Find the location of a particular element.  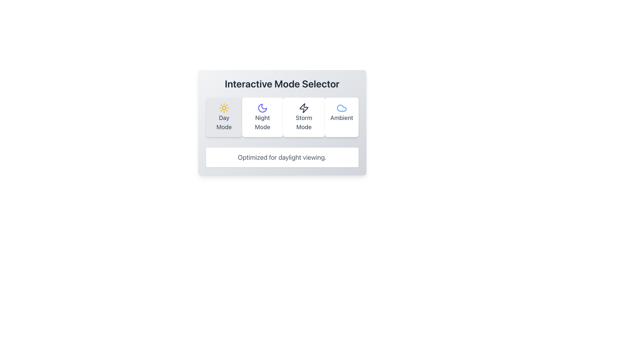

the lightning bolt icon, which is a minimalist SVG graphic in dark gray, located within the 'Storm Mode' selection button on the mode selection bar is located at coordinates (304, 107).